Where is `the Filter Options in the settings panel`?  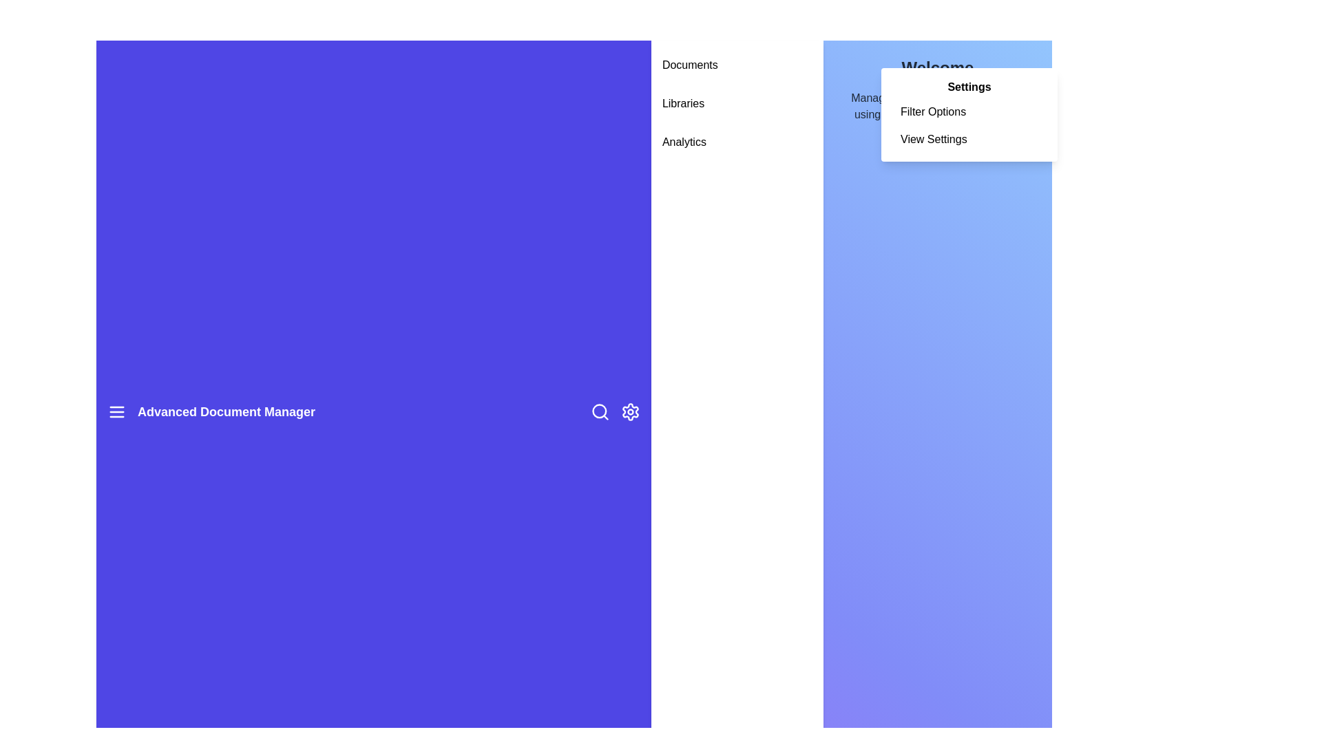
the Filter Options in the settings panel is located at coordinates (968, 111).